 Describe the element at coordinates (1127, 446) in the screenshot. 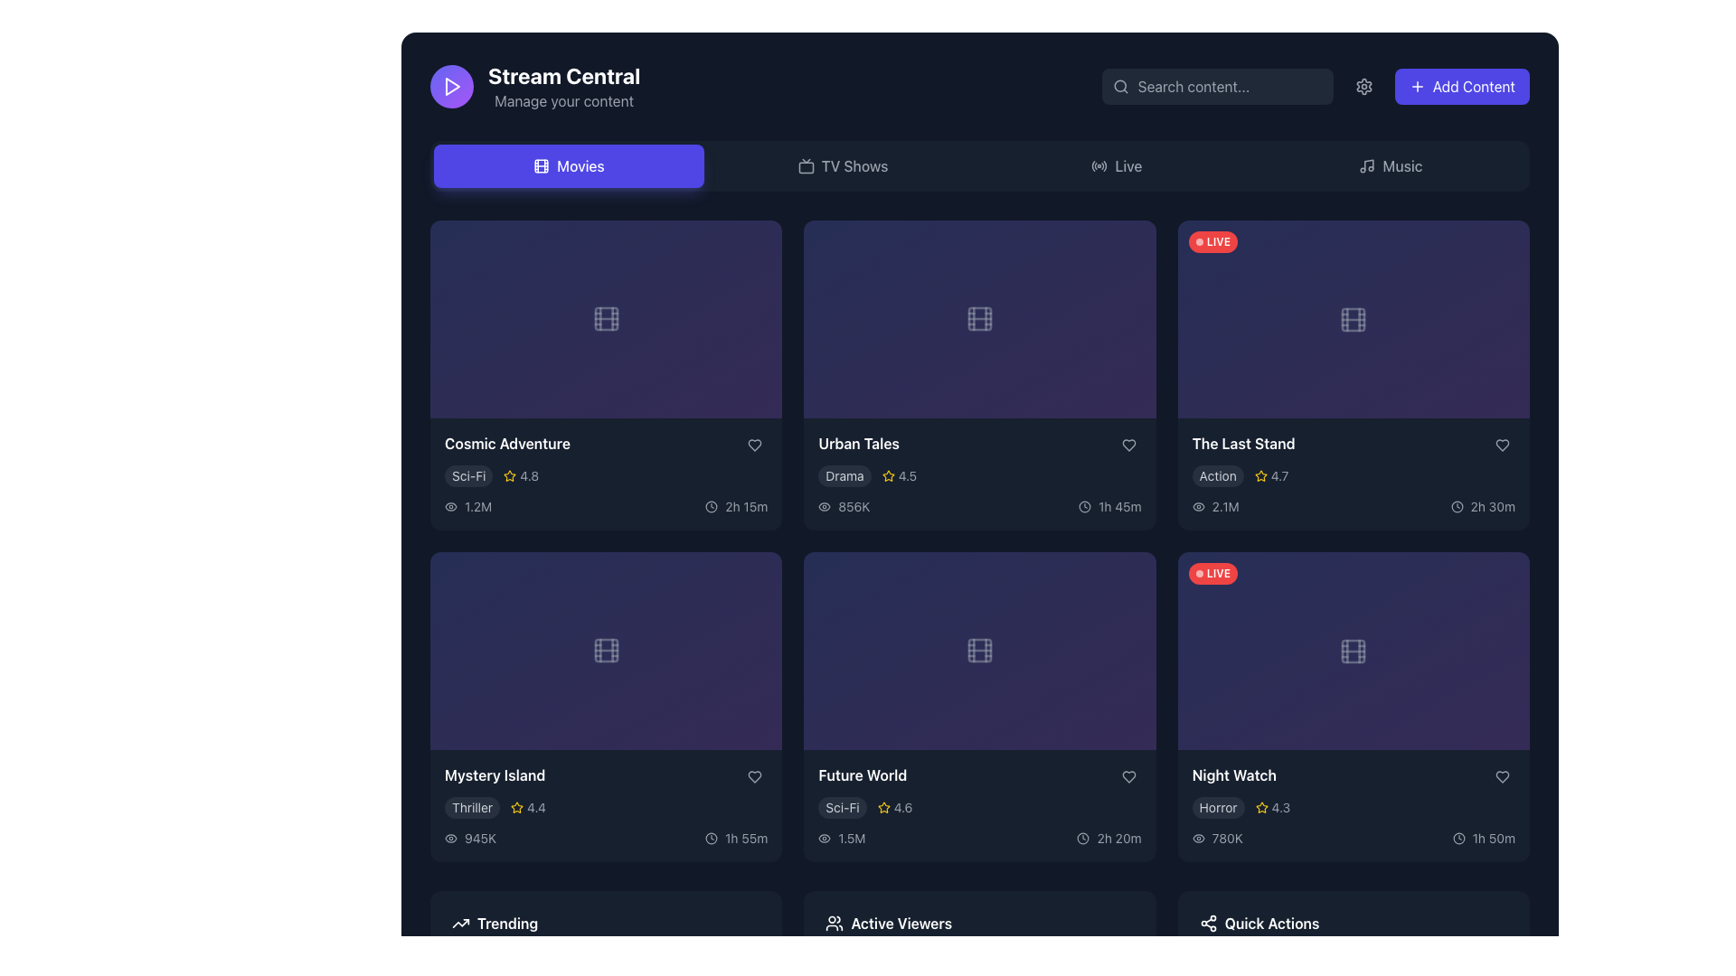

I see `the heart button` at that location.